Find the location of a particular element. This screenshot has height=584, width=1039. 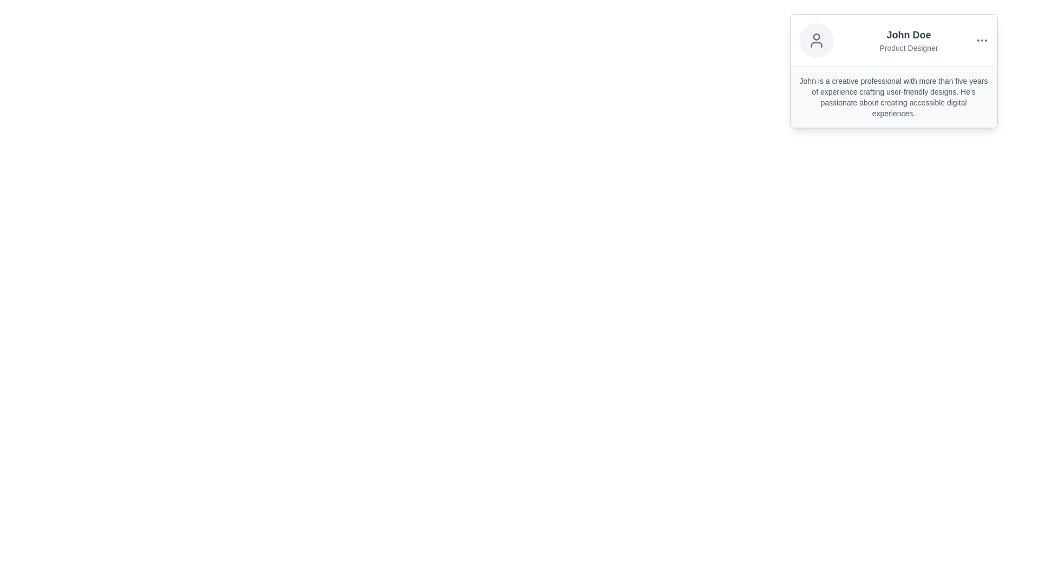

the text content area that displays the name and role of an individual within the profile card layout is located at coordinates (909, 39).